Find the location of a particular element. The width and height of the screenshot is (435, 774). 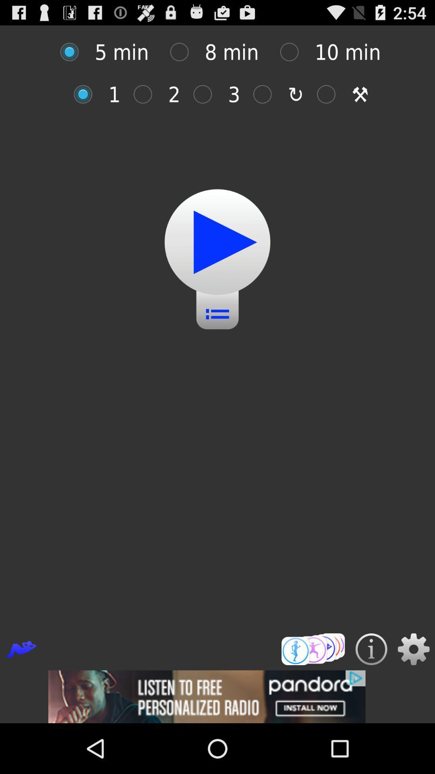

2 minutes is located at coordinates (147, 94).